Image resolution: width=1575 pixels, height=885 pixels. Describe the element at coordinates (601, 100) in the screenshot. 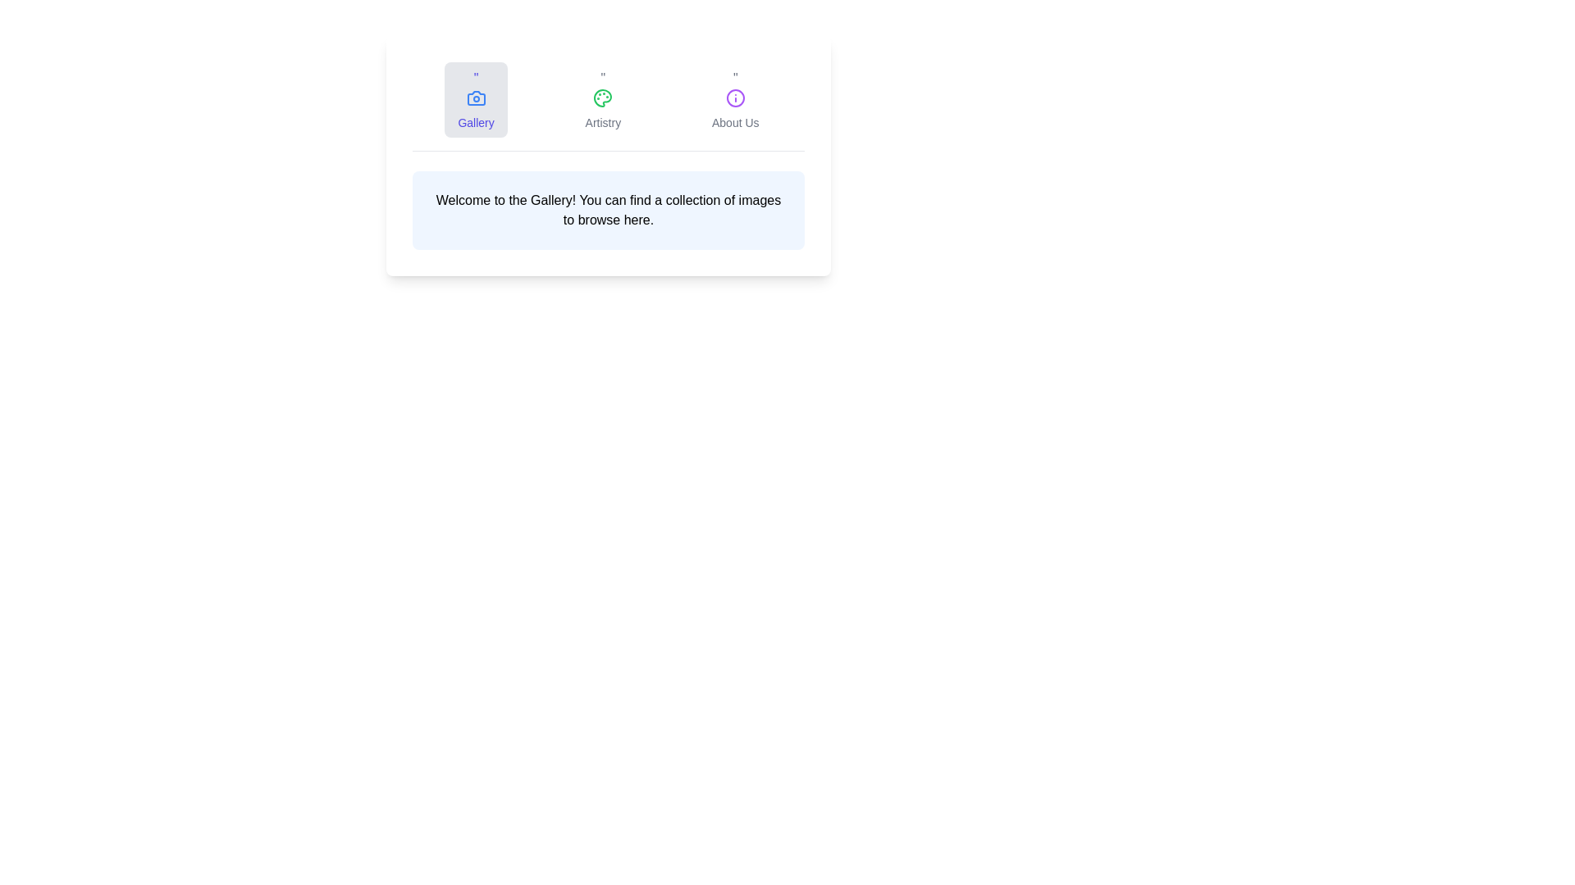

I see `the tab Artistry by clicking its button` at that location.